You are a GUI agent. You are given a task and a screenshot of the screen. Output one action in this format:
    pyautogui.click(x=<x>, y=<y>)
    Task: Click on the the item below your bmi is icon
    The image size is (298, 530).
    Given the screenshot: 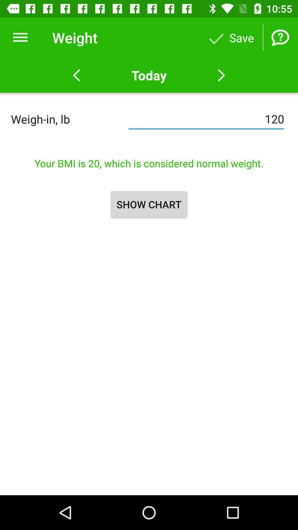 What is the action you would take?
    pyautogui.click(x=149, y=204)
    